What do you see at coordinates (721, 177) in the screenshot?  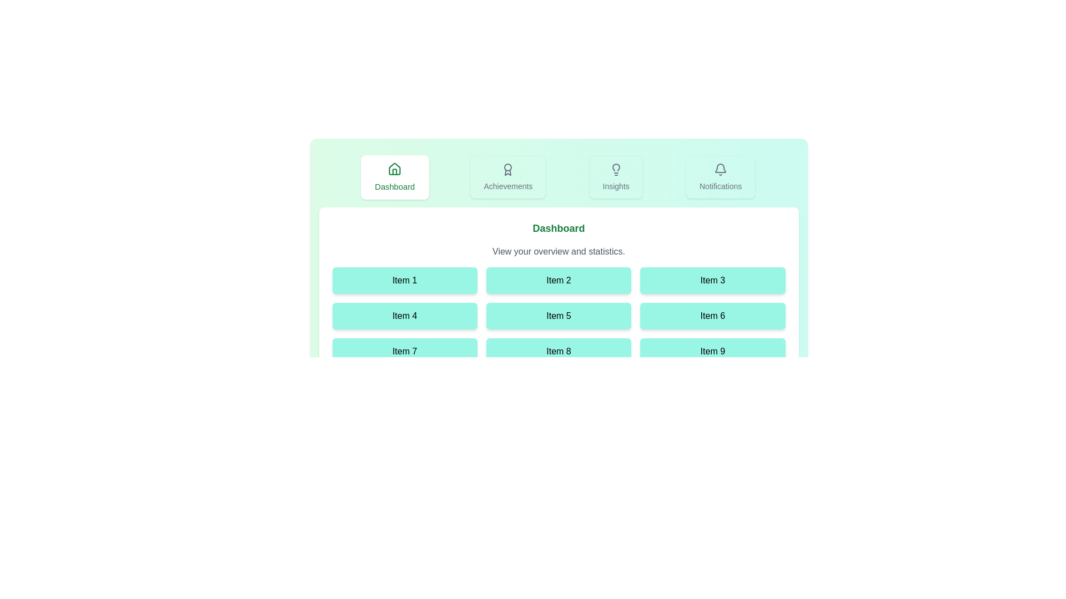 I see `the tab labeled Notifications` at bounding box center [721, 177].